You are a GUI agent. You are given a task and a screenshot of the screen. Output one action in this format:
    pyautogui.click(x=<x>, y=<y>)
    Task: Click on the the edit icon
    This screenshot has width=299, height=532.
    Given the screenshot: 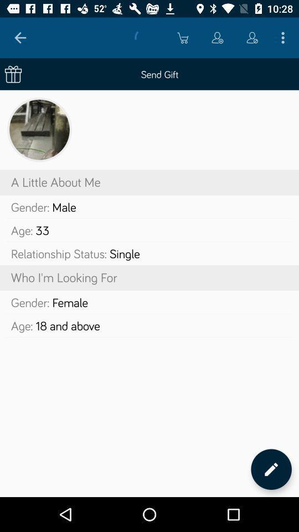 What is the action you would take?
    pyautogui.click(x=271, y=469)
    